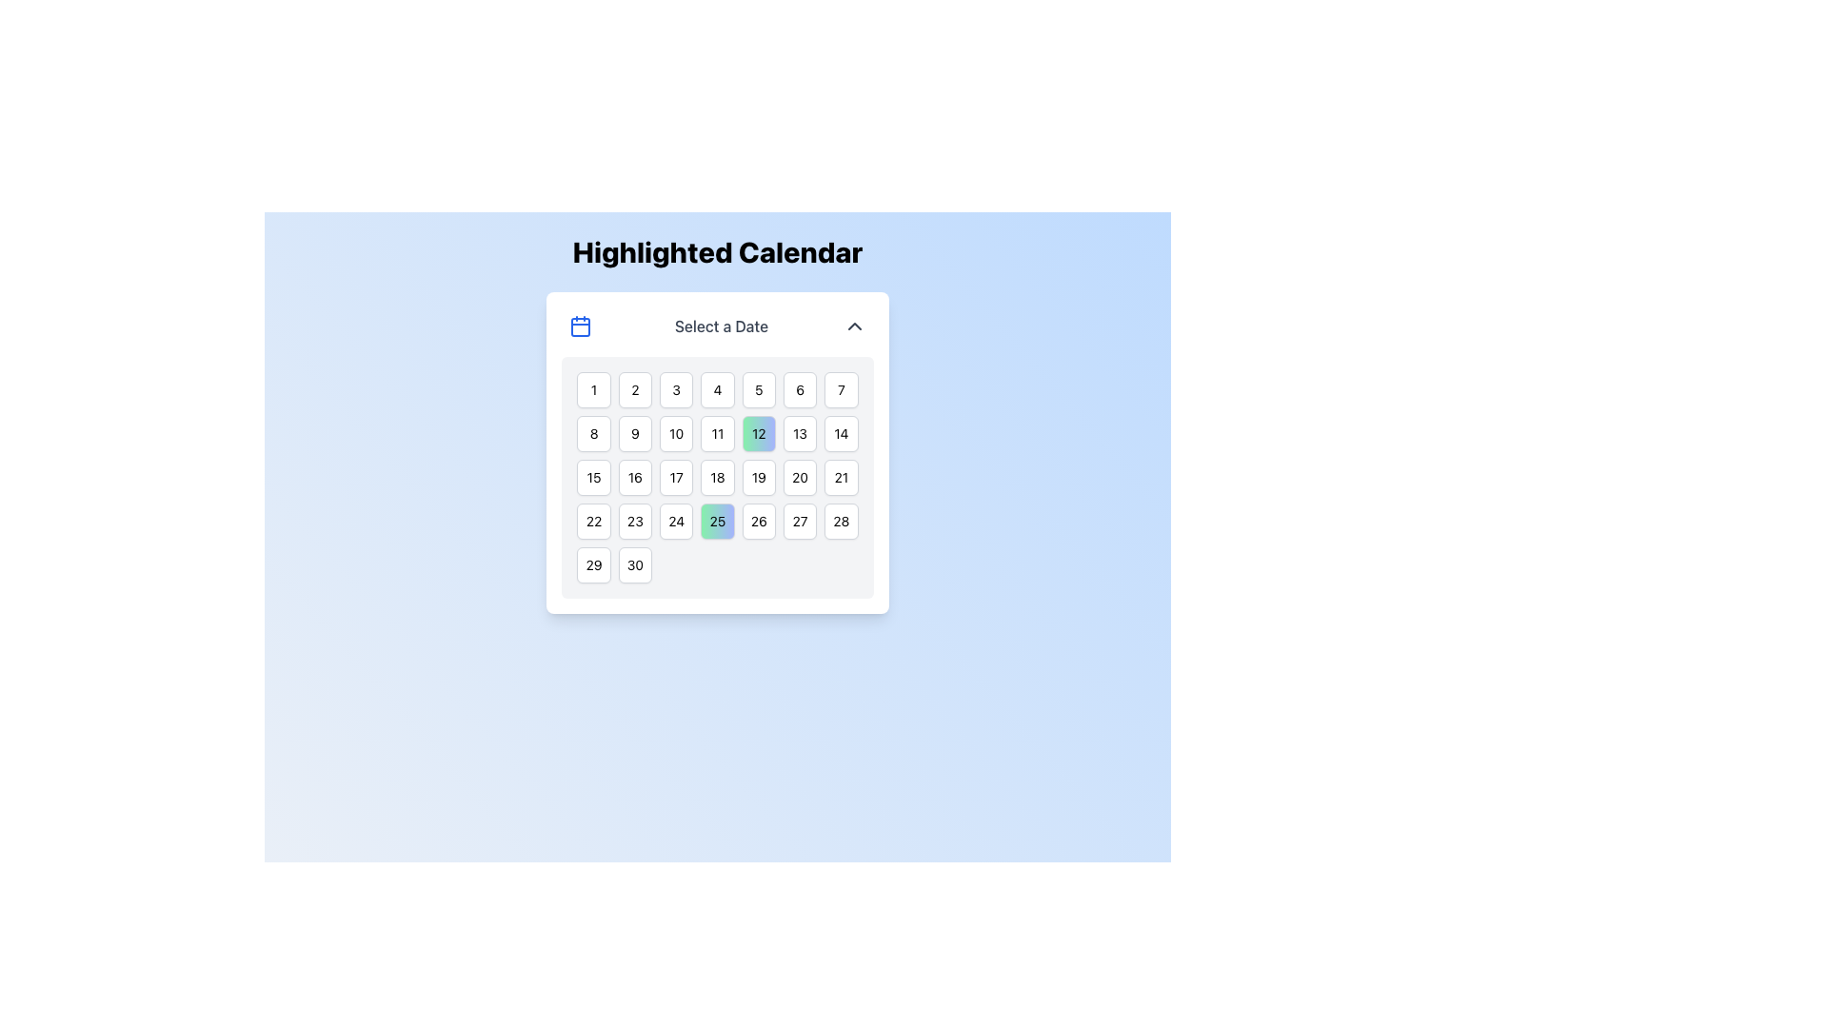  What do you see at coordinates (716, 476) in the screenshot?
I see `the square-shaped button with a white background and the text '18' in black` at bounding box center [716, 476].